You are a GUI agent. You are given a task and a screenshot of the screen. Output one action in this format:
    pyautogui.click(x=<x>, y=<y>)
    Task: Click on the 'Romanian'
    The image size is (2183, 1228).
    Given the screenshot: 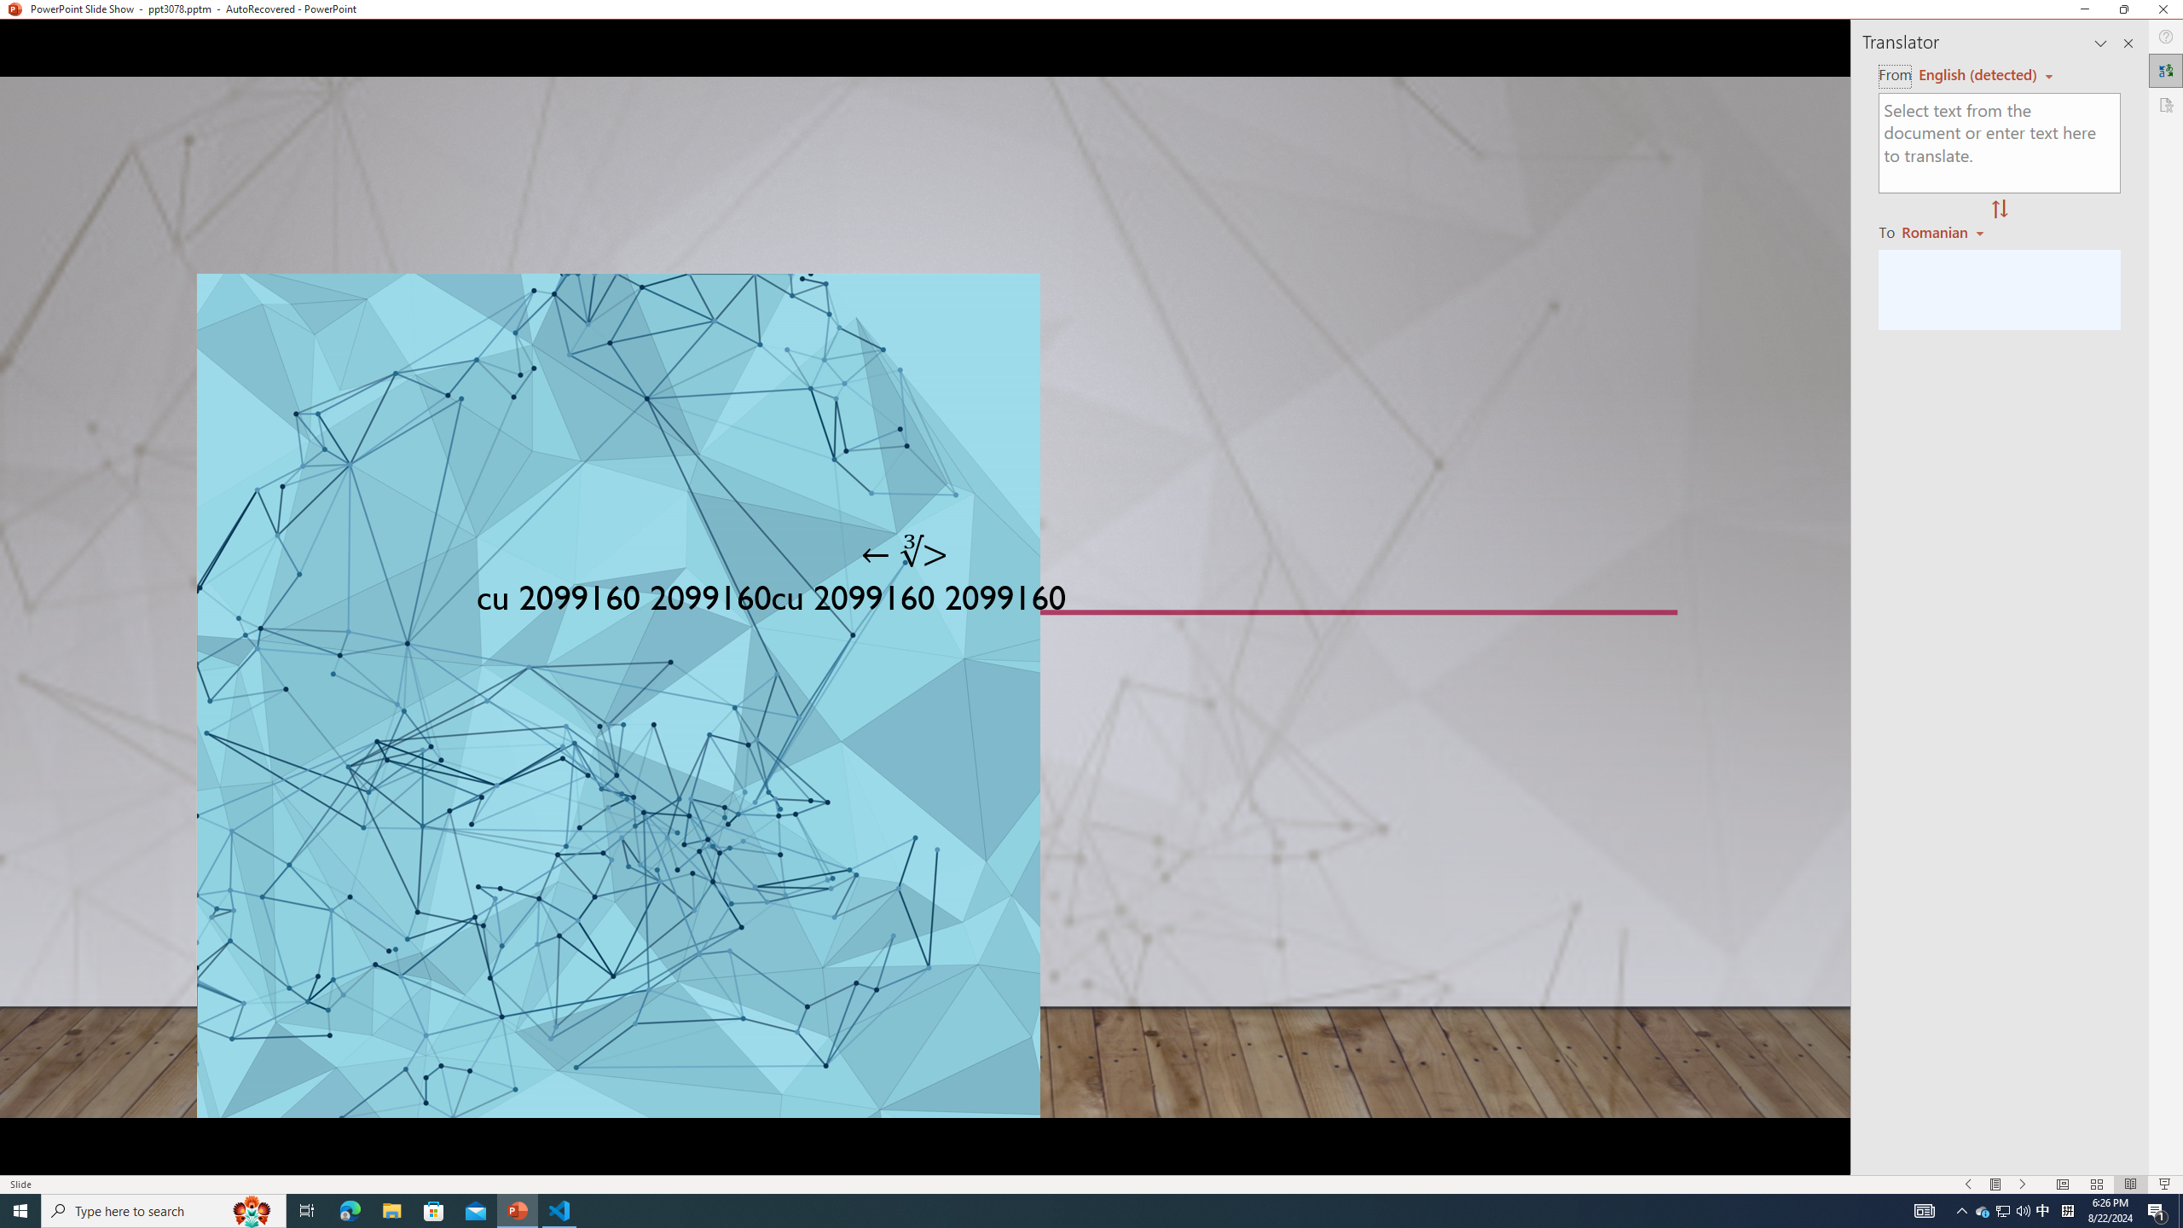 What is the action you would take?
    pyautogui.click(x=1943, y=231)
    